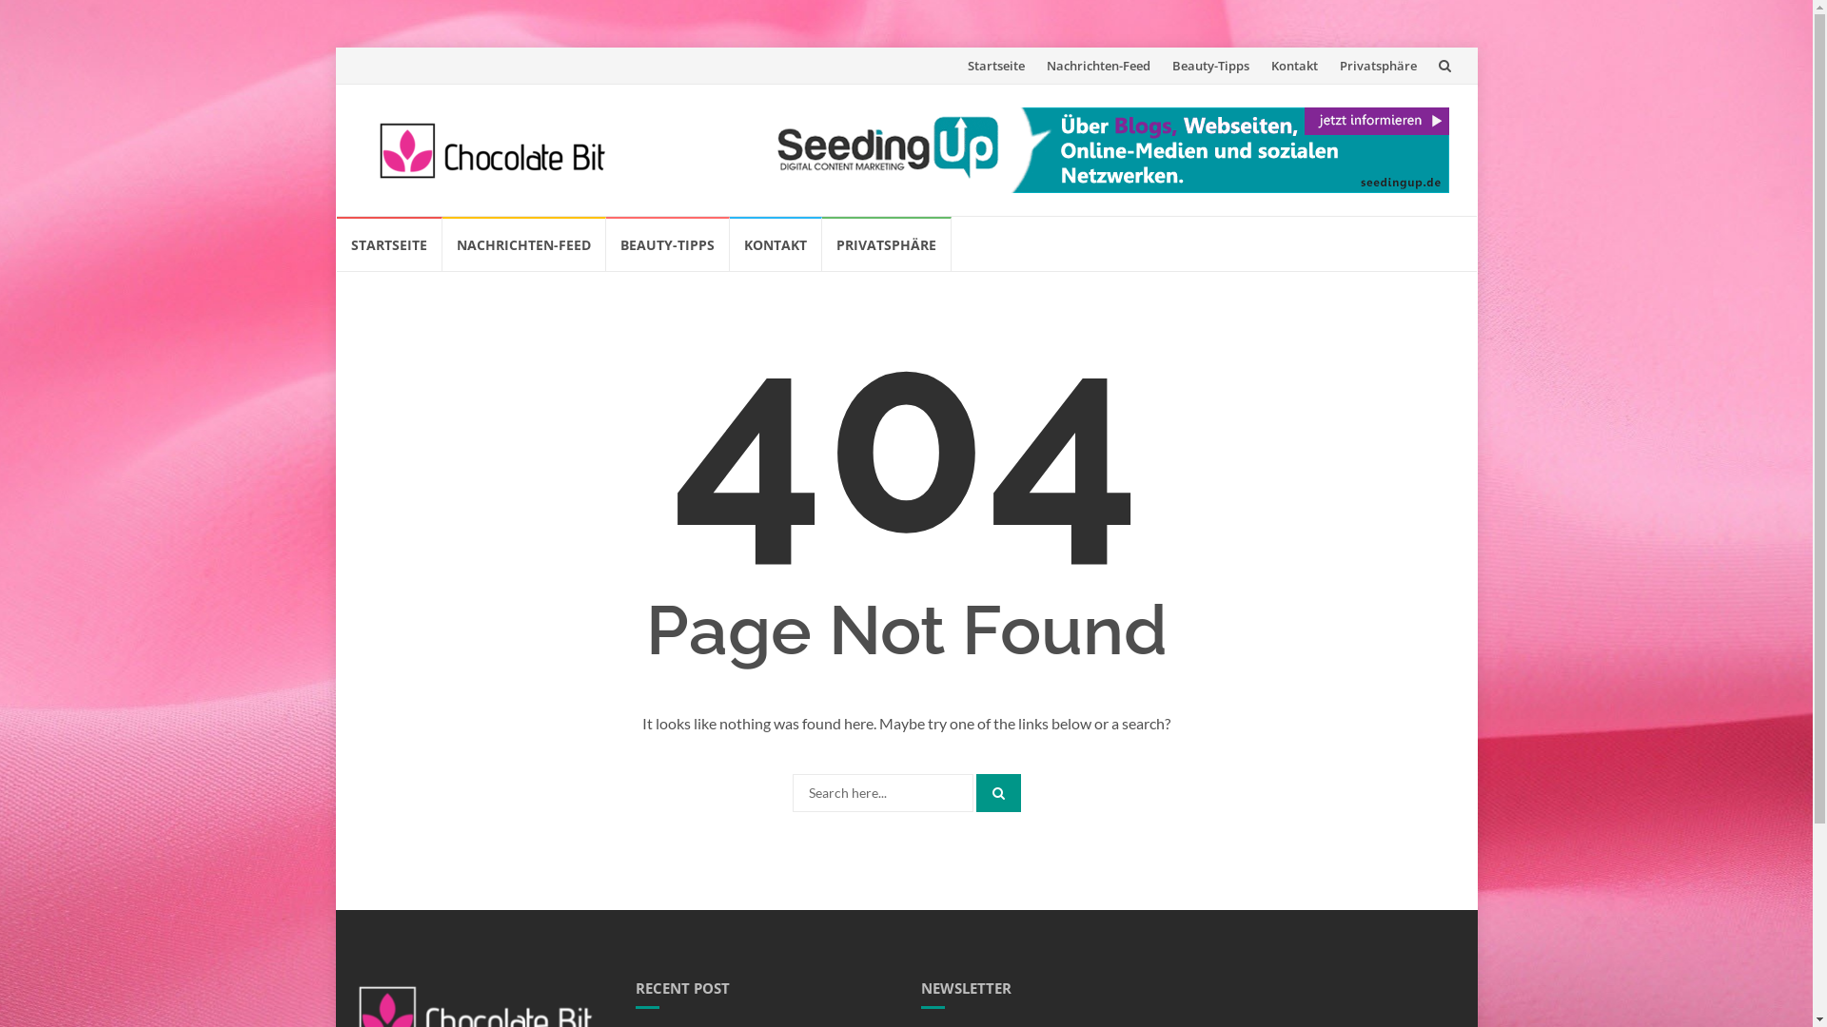  I want to click on 'Nachrichten-Feed', so click(1098, 65).